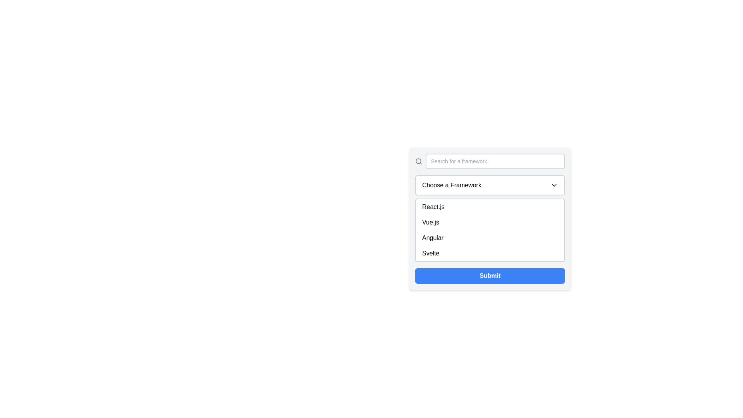 This screenshot has height=418, width=743. I want to click on the 'Vue.js' selectable item in the dropdown menu, so click(430, 222).